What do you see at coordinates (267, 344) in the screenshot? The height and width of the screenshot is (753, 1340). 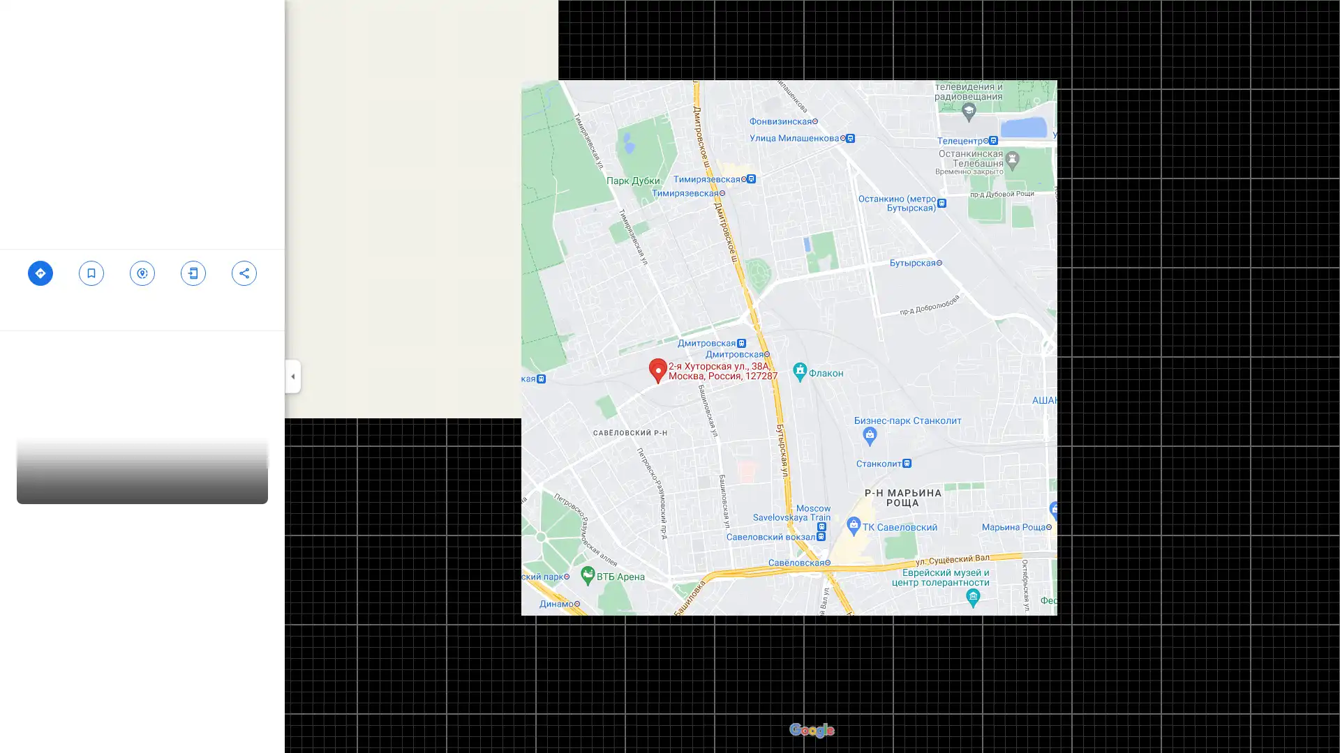 I see `+` at bounding box center [267, 344].